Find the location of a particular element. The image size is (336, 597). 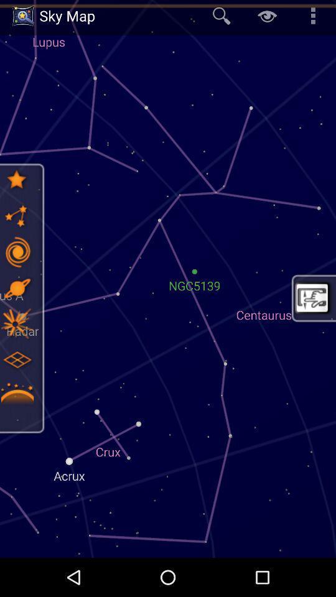

the layers icon is located at coordinates (16, 359).